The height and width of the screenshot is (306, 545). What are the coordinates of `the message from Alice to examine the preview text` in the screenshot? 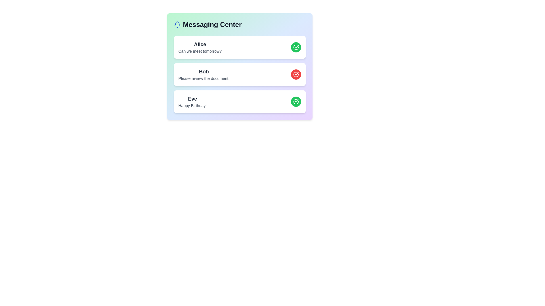 It's located at (200, 44).